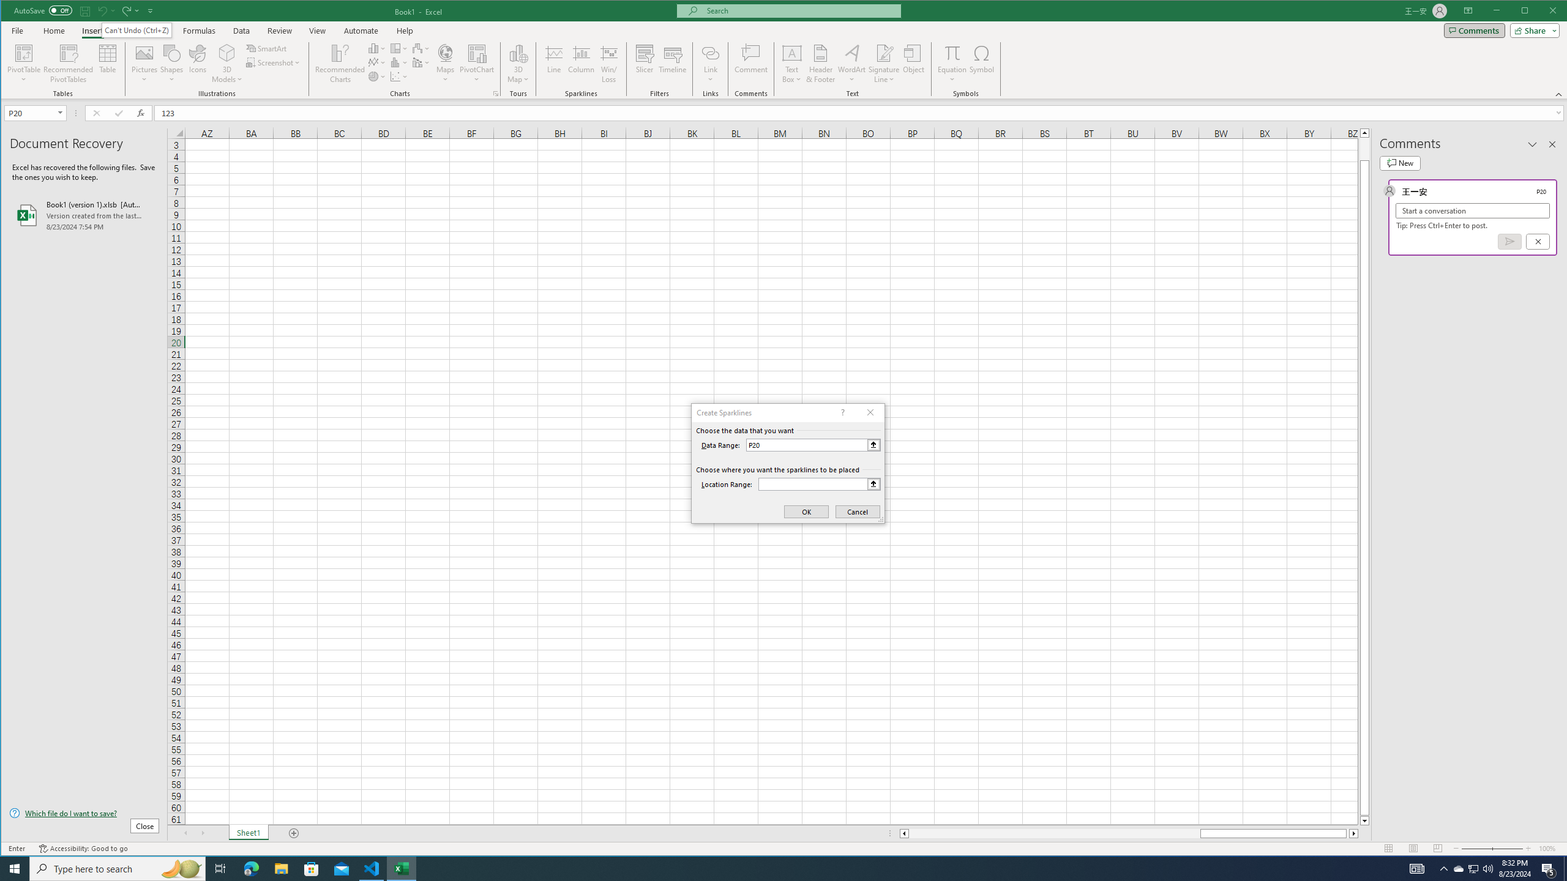 The width and height of the screenshot is (1567, 881). What do you see at coordinates (982, 63) in the screenshot?
I see `'Symbol...'` at bounding box center [982, 63].